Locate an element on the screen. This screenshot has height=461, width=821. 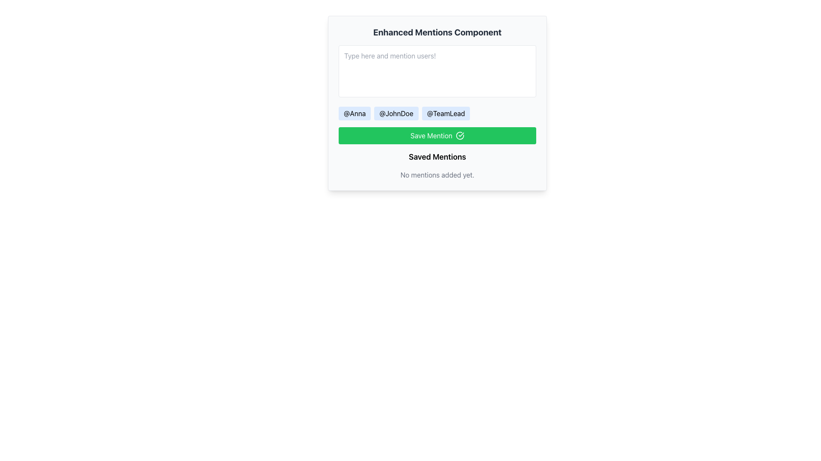
the text label that reads 'No mentions added yet.' which is styled in gray and located below the 'Saved Mentions' title in the 'Enhanced Mentions Component.' is located at coordinates (437, 174).